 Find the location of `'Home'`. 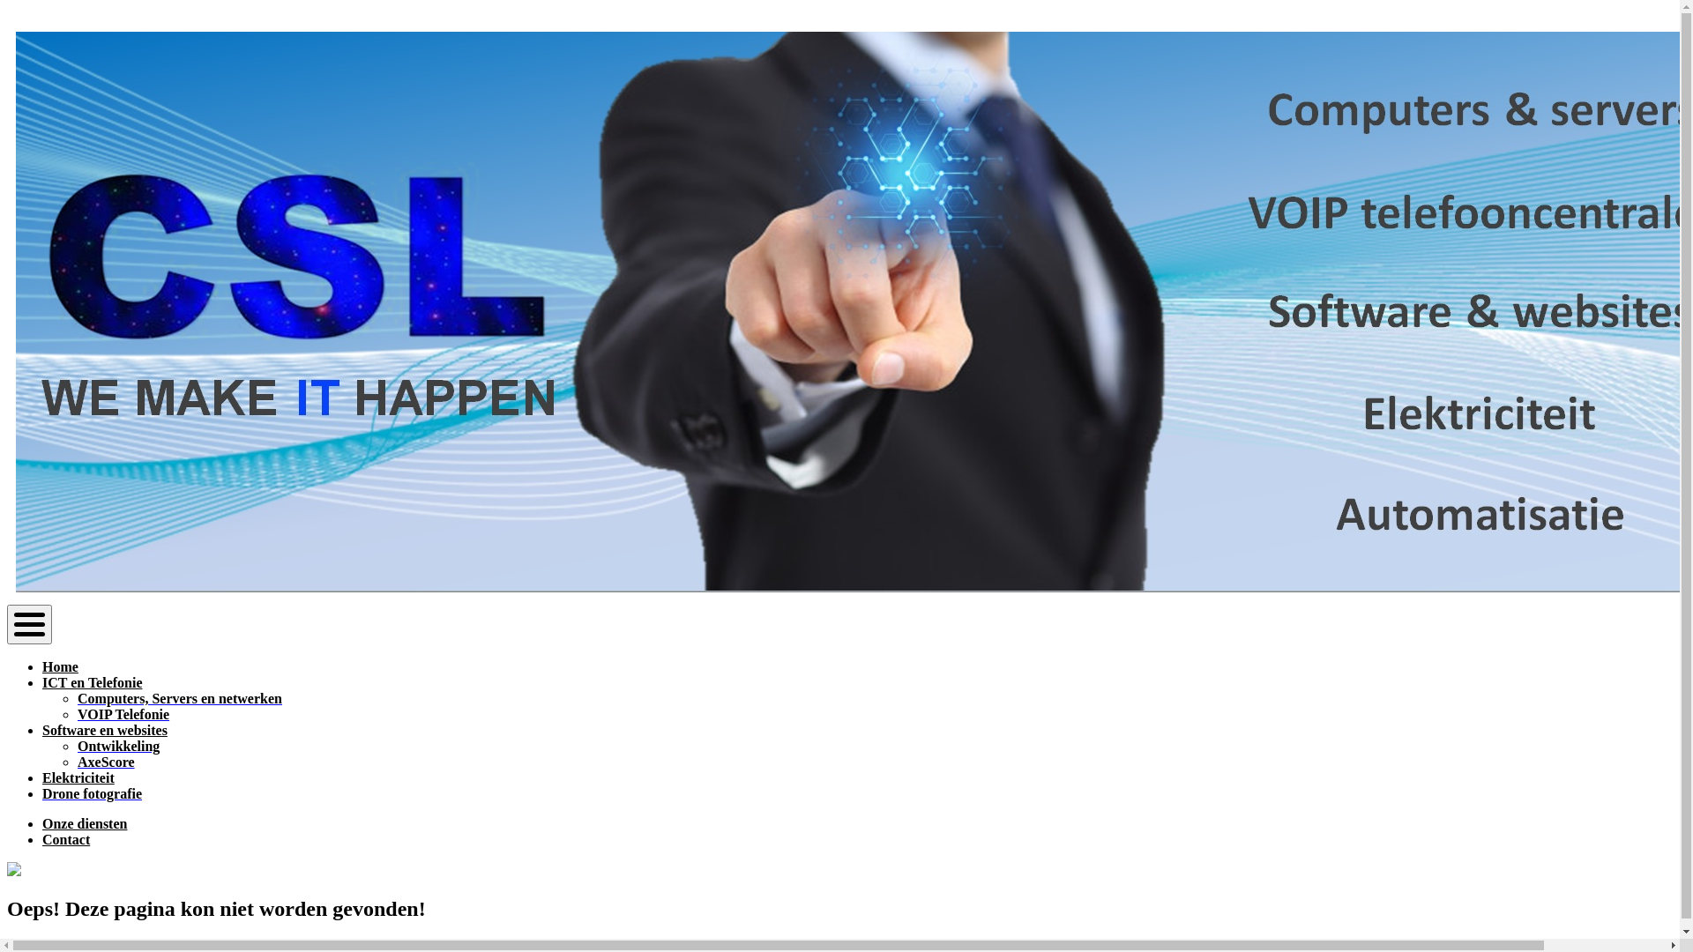

'Home' is located at coordinates (60, 666).